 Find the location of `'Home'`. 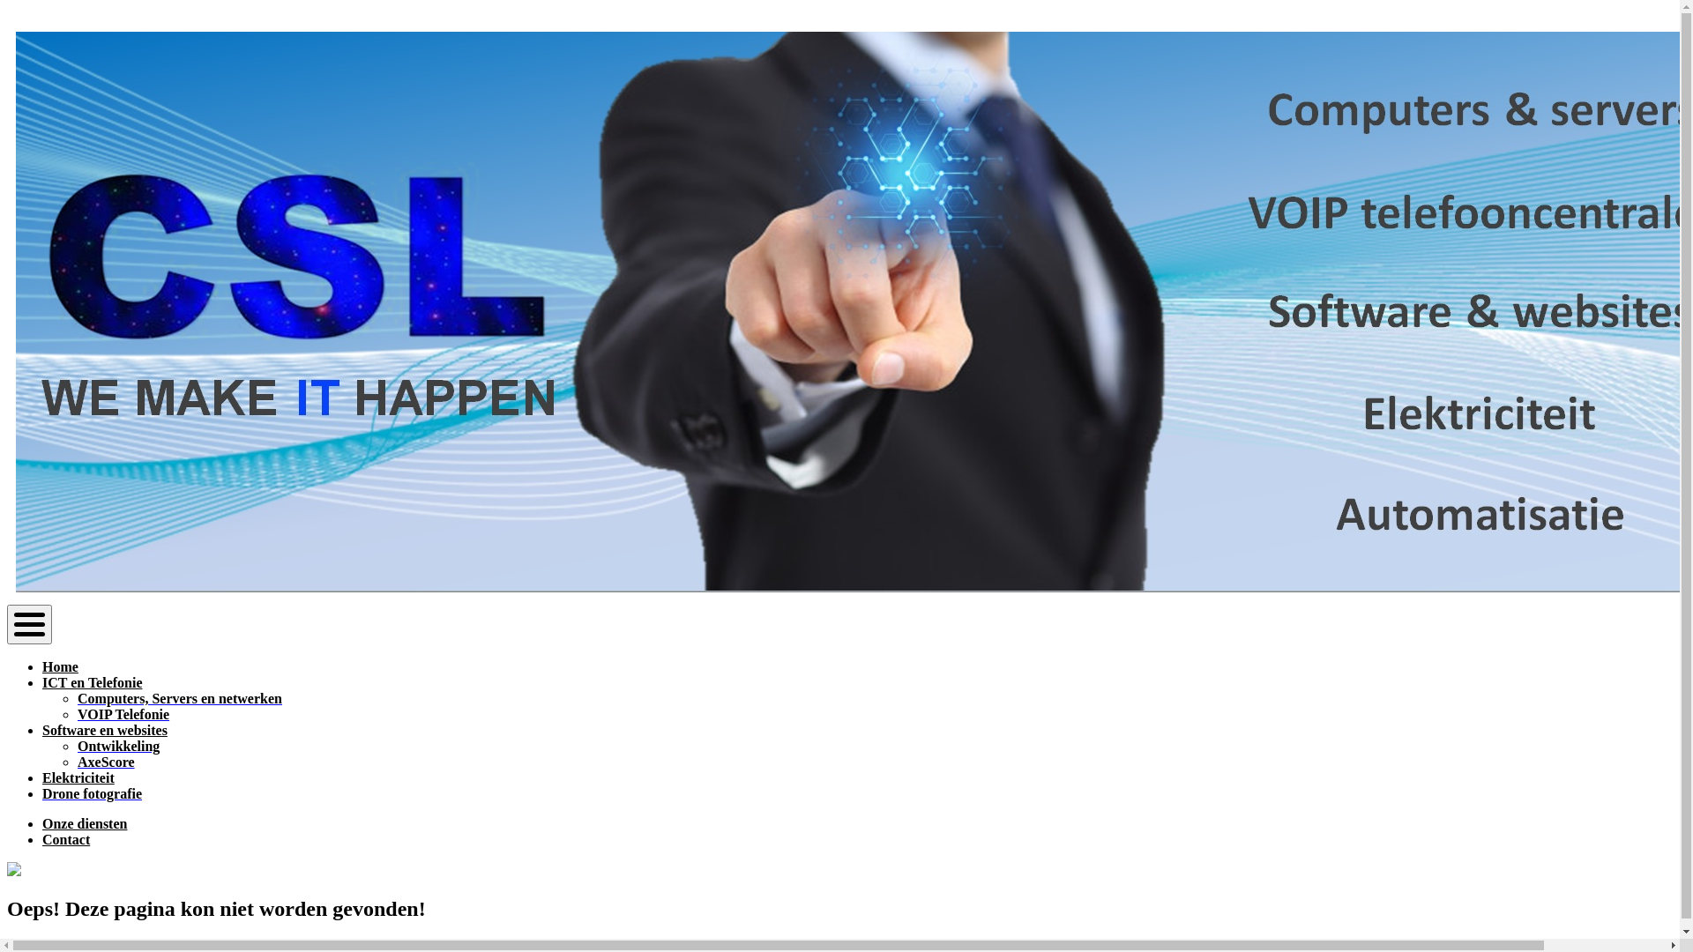

'Home' is located at coordinates (60, 666).